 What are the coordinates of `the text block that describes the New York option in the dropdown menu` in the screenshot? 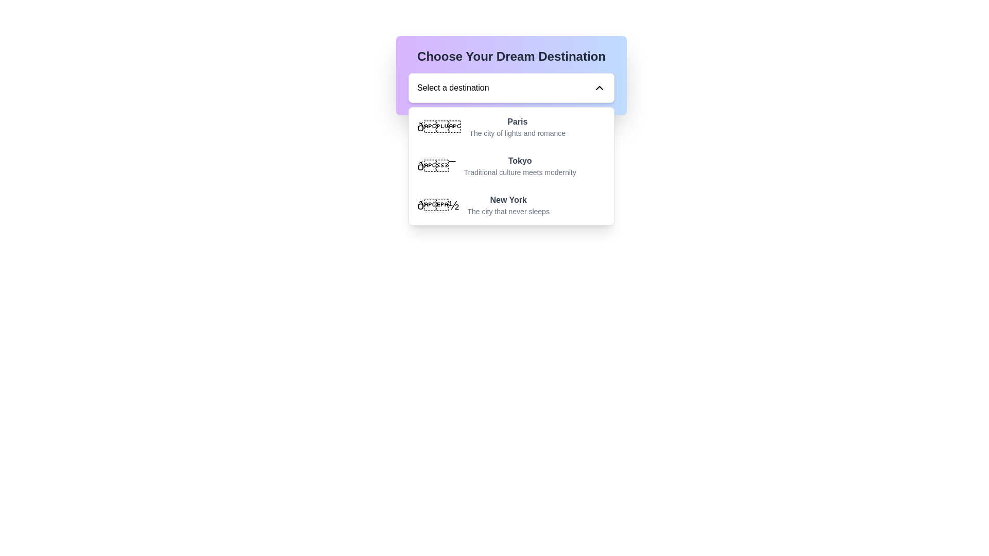 It's located at (508, 205).